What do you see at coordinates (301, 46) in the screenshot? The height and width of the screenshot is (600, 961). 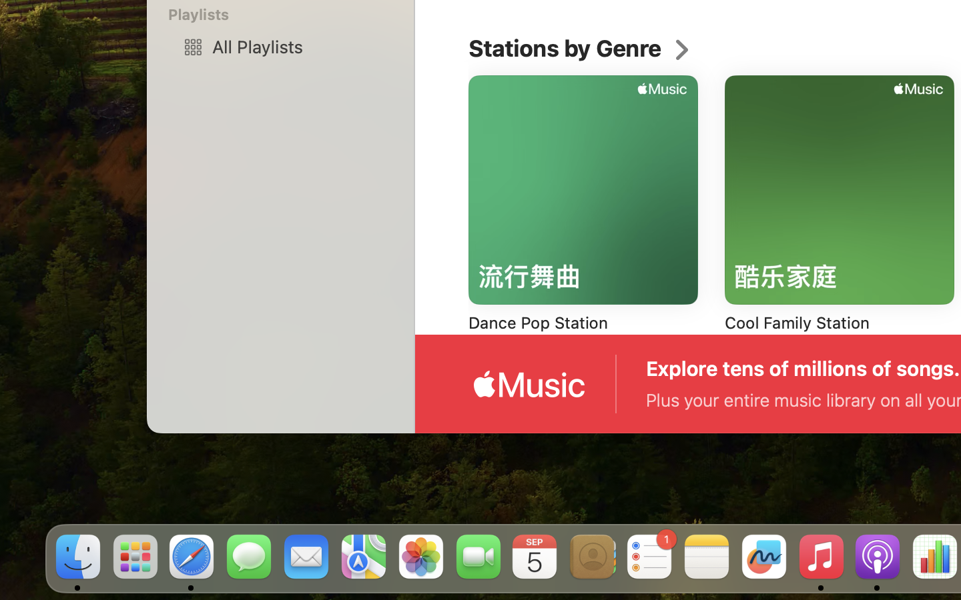 I see `'All Playlists'` at bounding box center [301, 46].